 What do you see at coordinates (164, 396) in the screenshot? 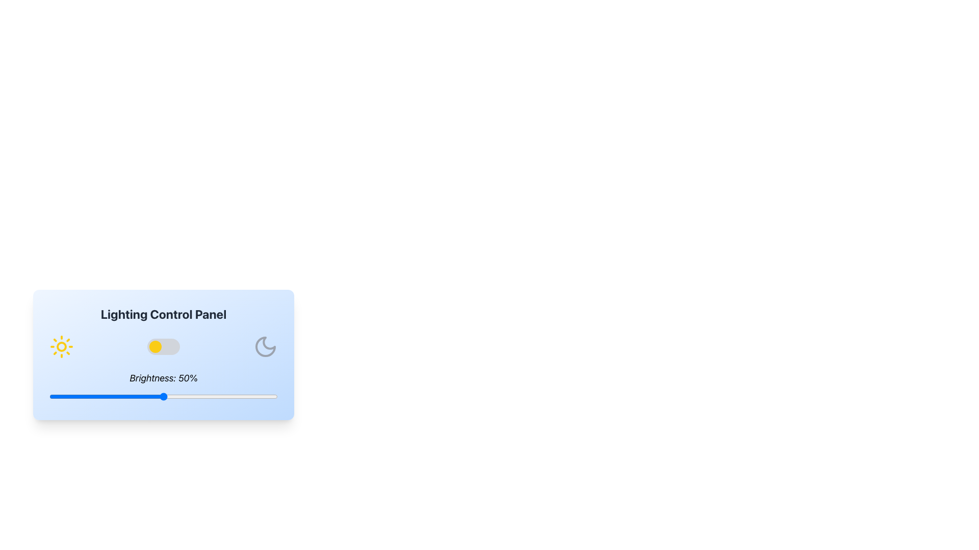
I see `the knob of the brightness slider located below the label 'Brightness: 50%' in the Lighting Control Panel` at bounding box center [164, 396].